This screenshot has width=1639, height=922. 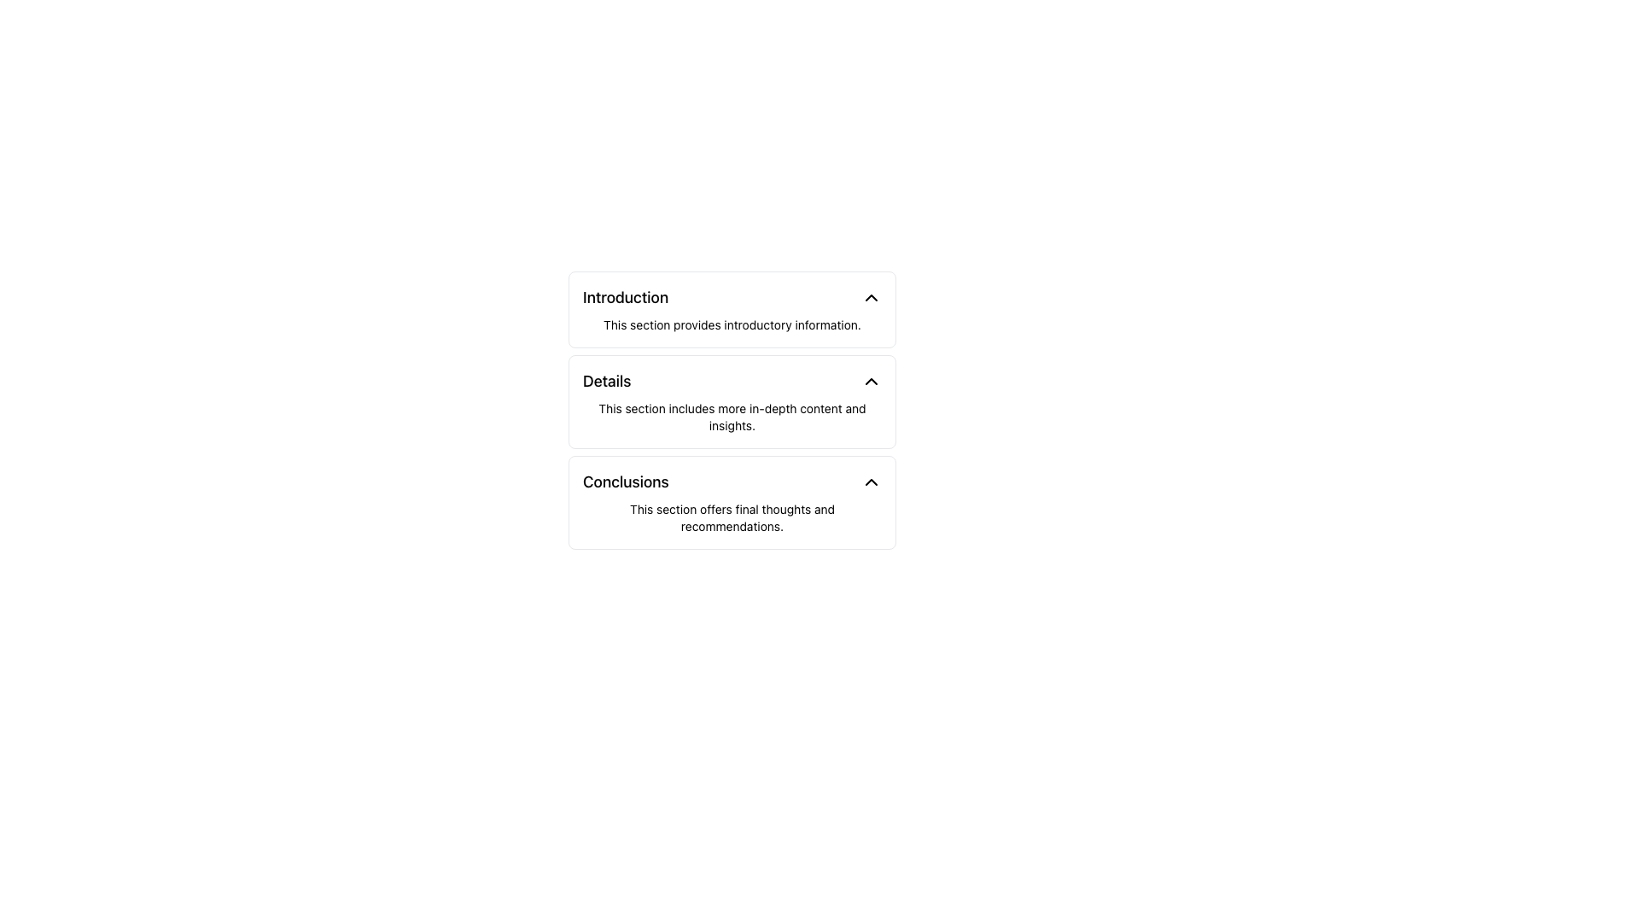 What do you see at coordinates (872, 481) in the screenshot?
I see `the toggle icon on the far-right side of the 'Conclusions' section header` at bounding box center [872, 481].